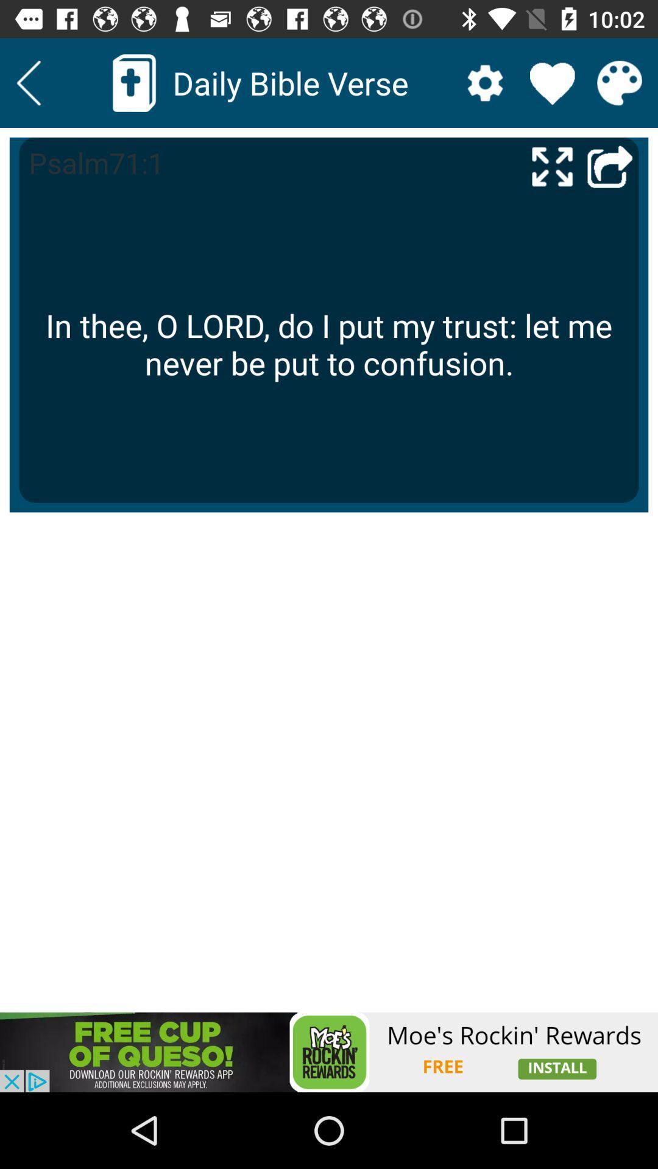 Image resolution: width=658 pixels, height=1169 pixels. What do you see at coordinates (610, 166) in the screenshot?
I see `previous` at bounding box center [610, 166].